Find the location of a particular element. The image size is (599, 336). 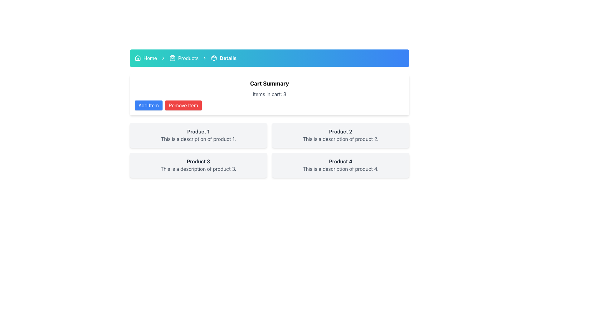

the stylized package icon in the breadcrumb navigation bar is located at coordinates (214, 58).